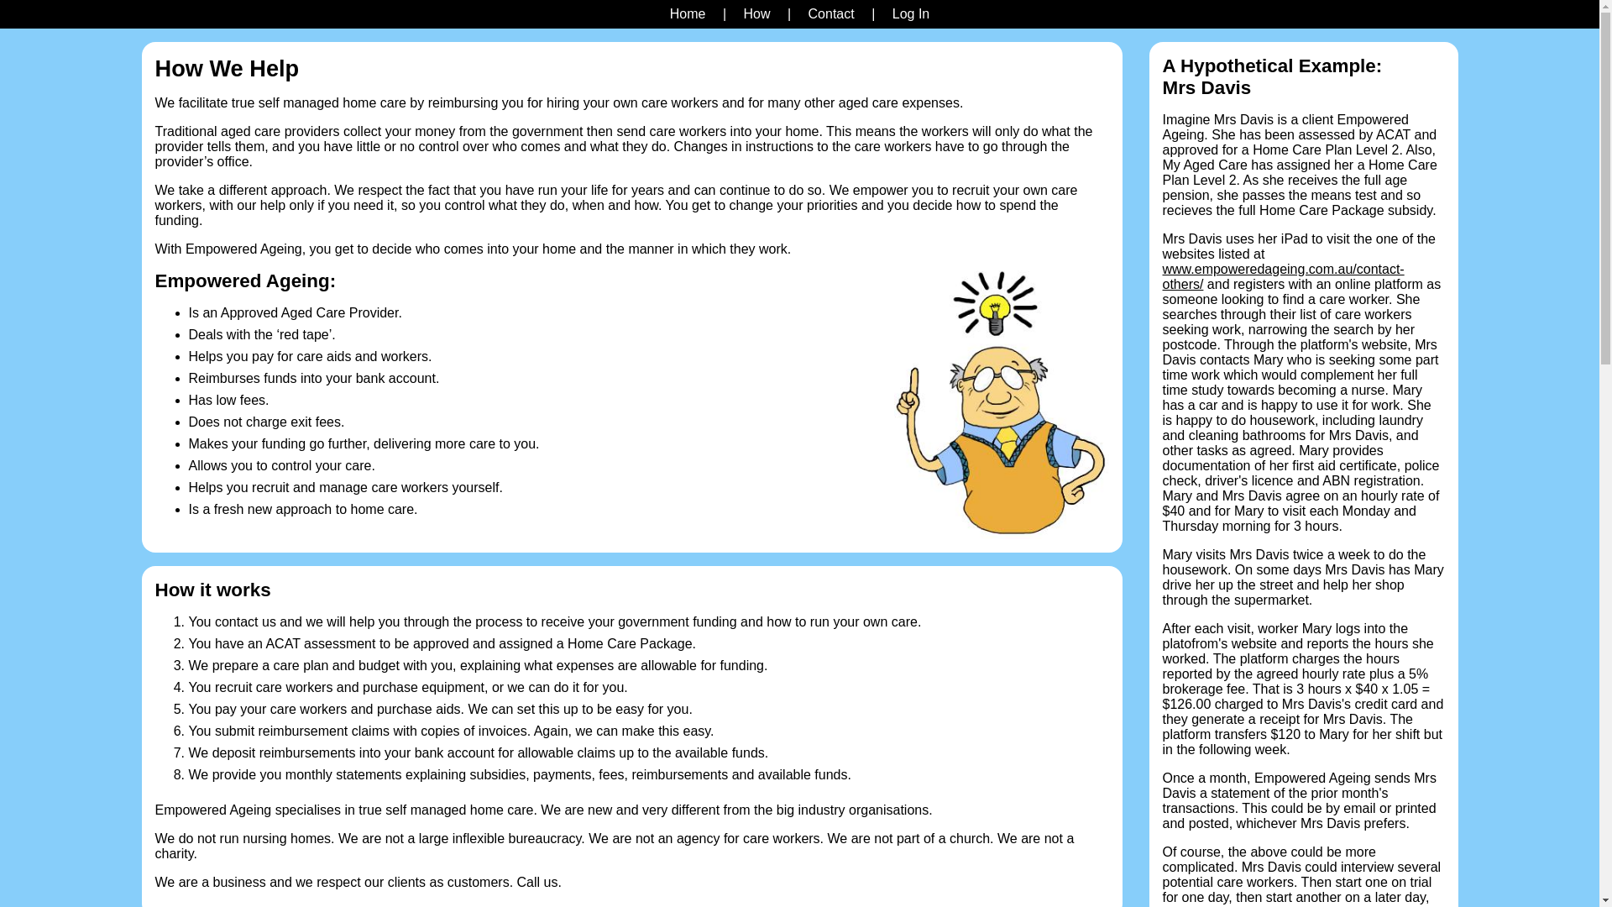  I want to click on 'Log In', so click(909, 13).